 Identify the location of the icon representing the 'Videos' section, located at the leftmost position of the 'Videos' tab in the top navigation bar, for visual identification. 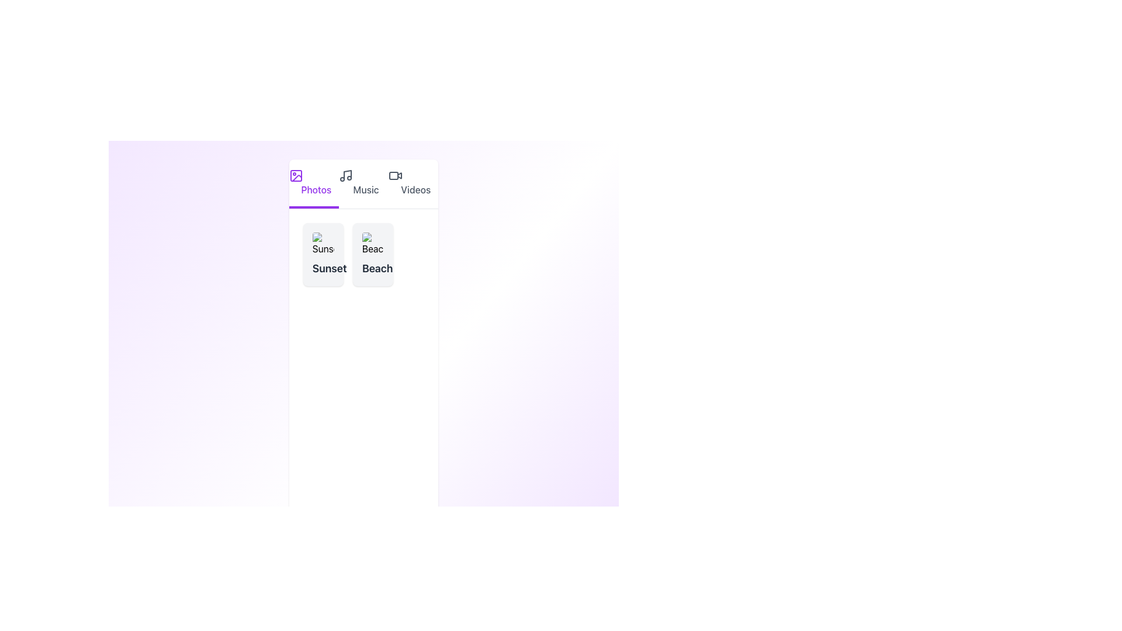
(396, 175).